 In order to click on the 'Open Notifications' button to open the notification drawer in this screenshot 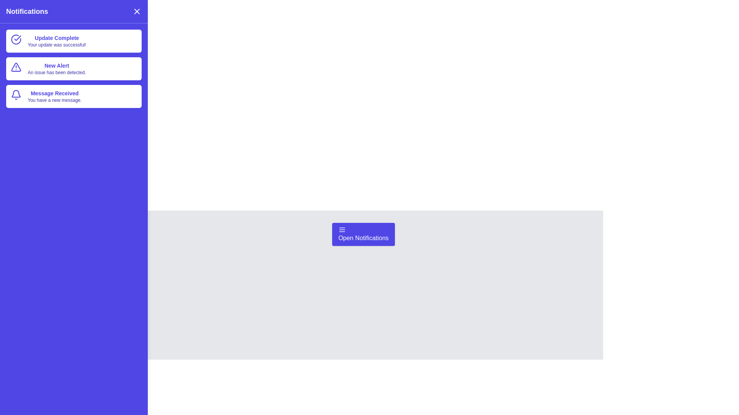, I will do `click(363, 234)`.